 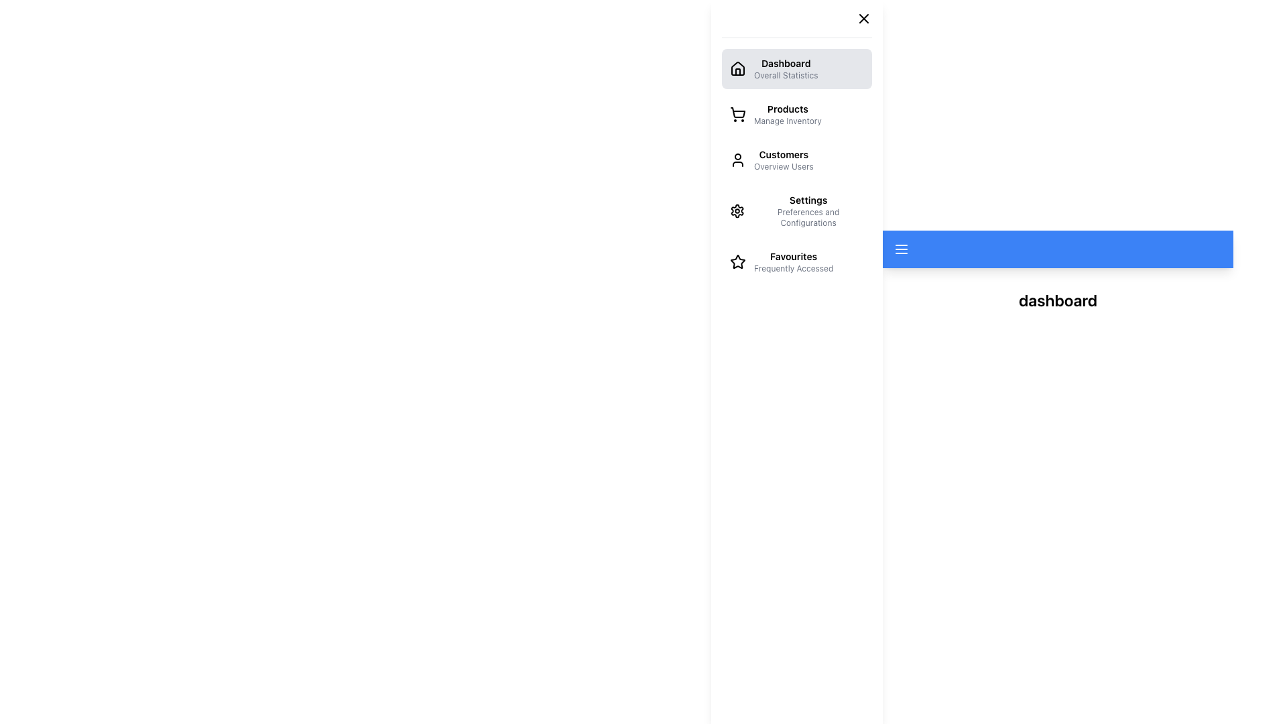 I want to click on the 'Favourites' menu icon located on the left-hand side of the navigation menu, which visually represents the 'Favourites' option, so click(x=737, y=261).